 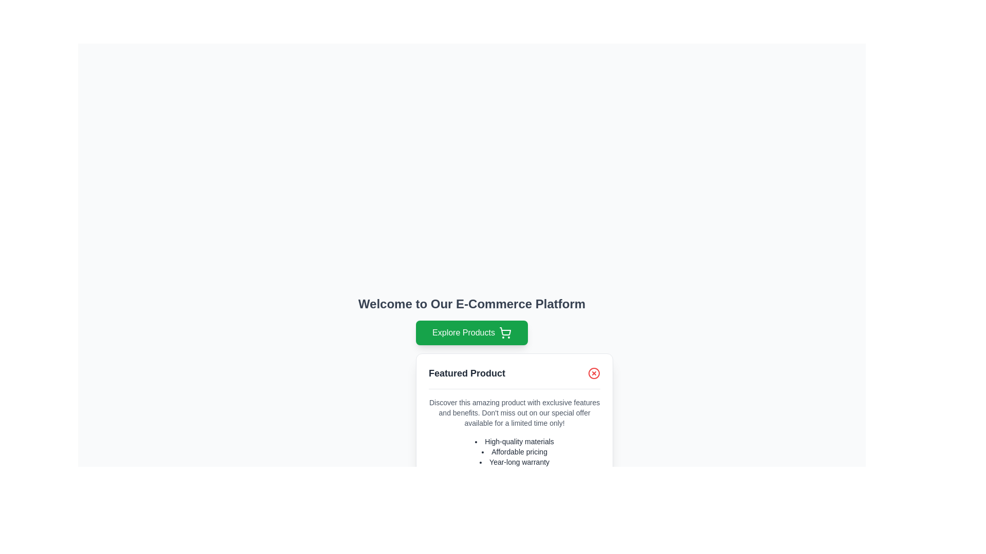 What do you see at coordinates (471, 332) in the screenshot?
I see `the call-to-action button for exploring products, located centrally below the heading 'Welcome to Our E-Commerce Platform' and above the featured product section` at bounding box center [471, 332].